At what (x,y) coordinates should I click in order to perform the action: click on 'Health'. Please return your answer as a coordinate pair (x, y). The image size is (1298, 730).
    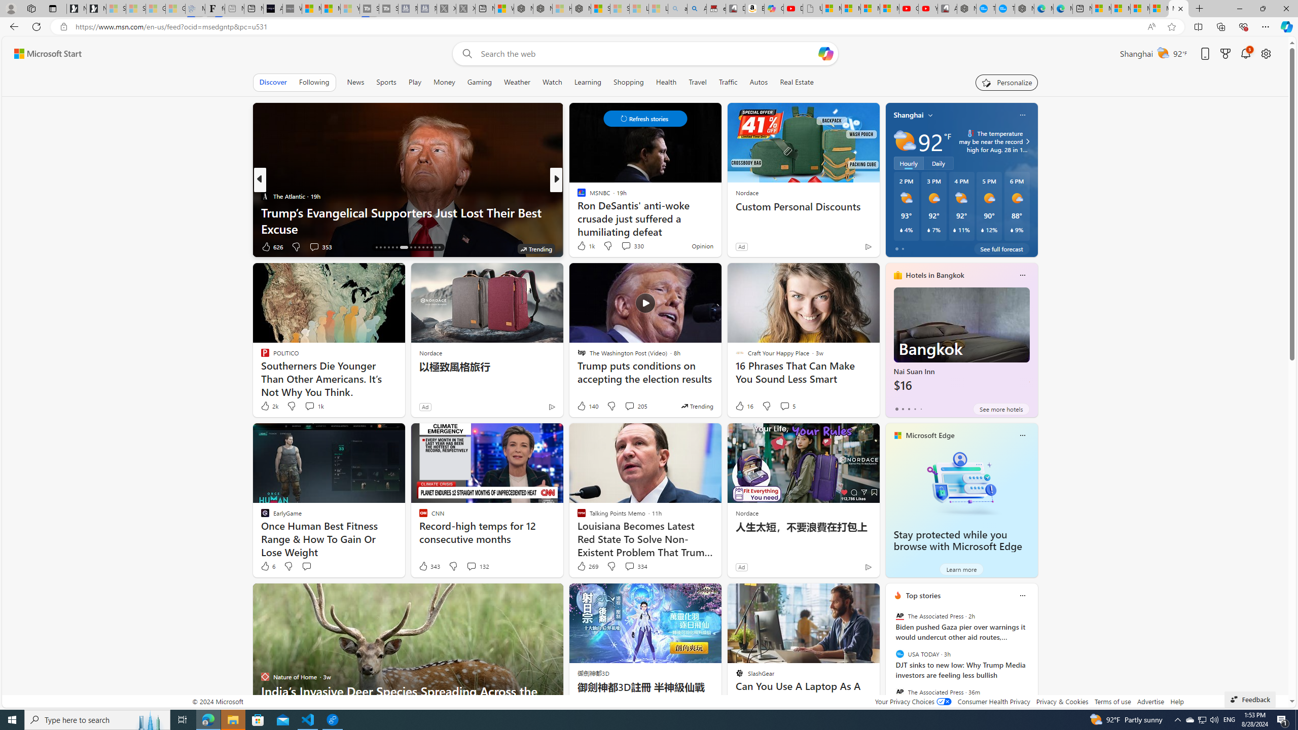
    Looking at the image, I should click on (665, 82).